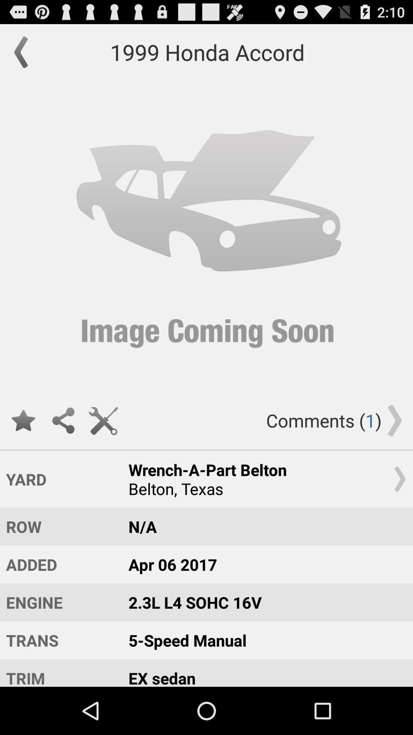 This screenshot has height=735, width=413. I want to click on the item next to the yard app, so click(263, 479).